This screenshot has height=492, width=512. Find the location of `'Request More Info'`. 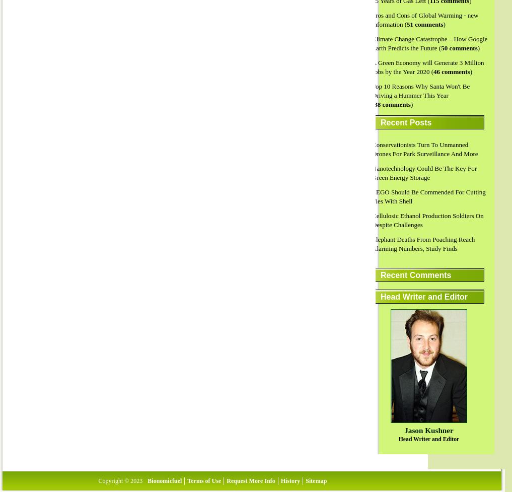

'Request More Info' is located at coordinates (250, 480).